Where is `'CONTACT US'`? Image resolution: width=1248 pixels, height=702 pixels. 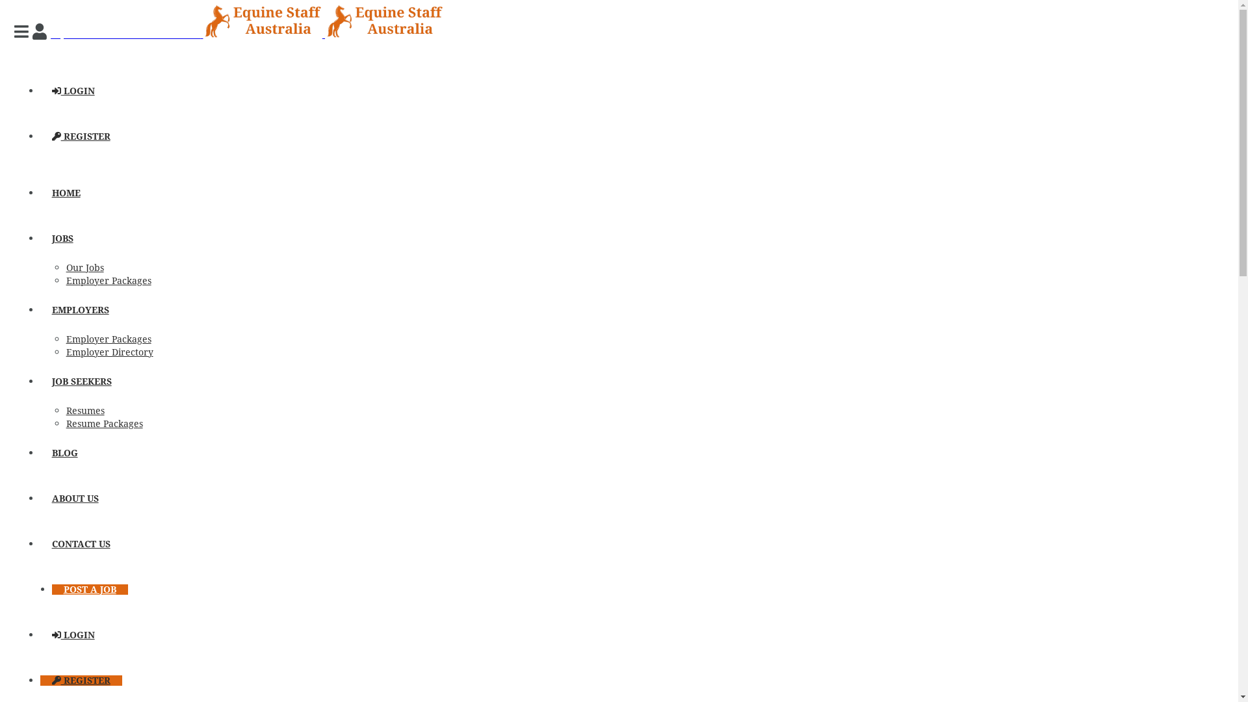 'CONTACT US' is located at coordinates (80, 544).